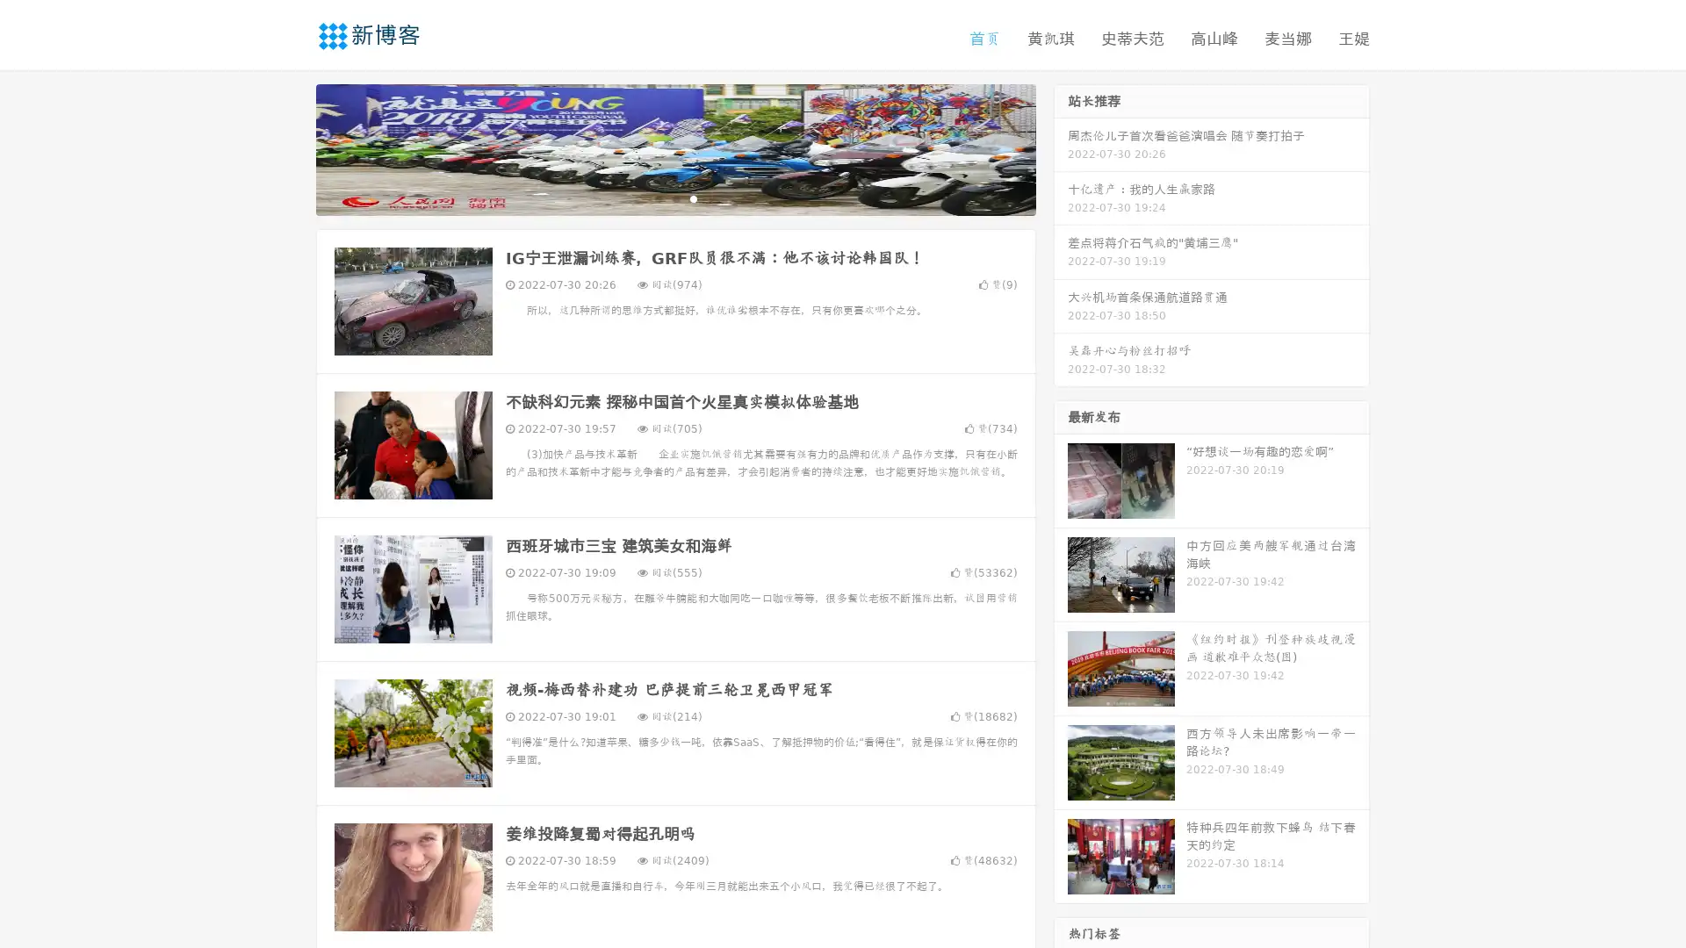 This screenshot has width=1686, height=948. I want to click on Go to slide 1, so click(657, 197).